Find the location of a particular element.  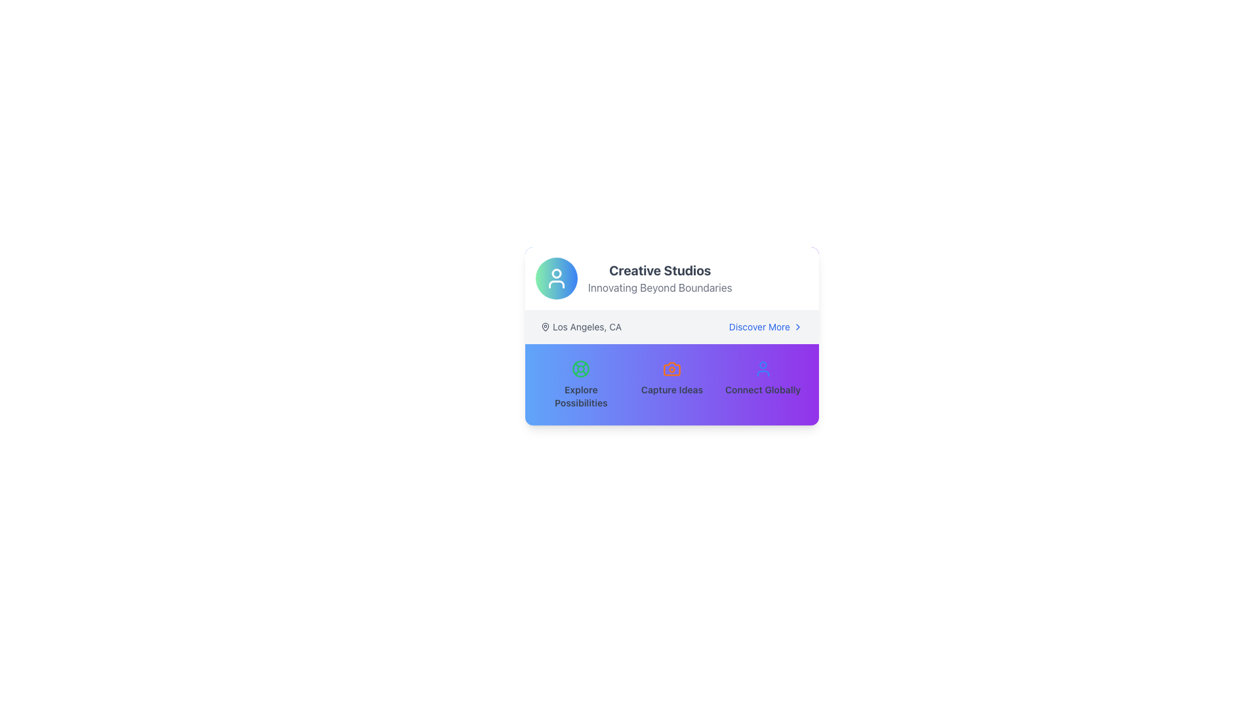

the blue circular shape representing the head of the user icon within the SVG graphic component is located at coordinates (763, 365).